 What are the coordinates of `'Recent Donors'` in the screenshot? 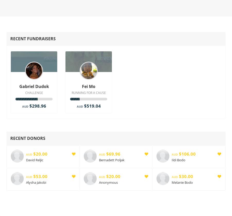 It's located at (10, 138).